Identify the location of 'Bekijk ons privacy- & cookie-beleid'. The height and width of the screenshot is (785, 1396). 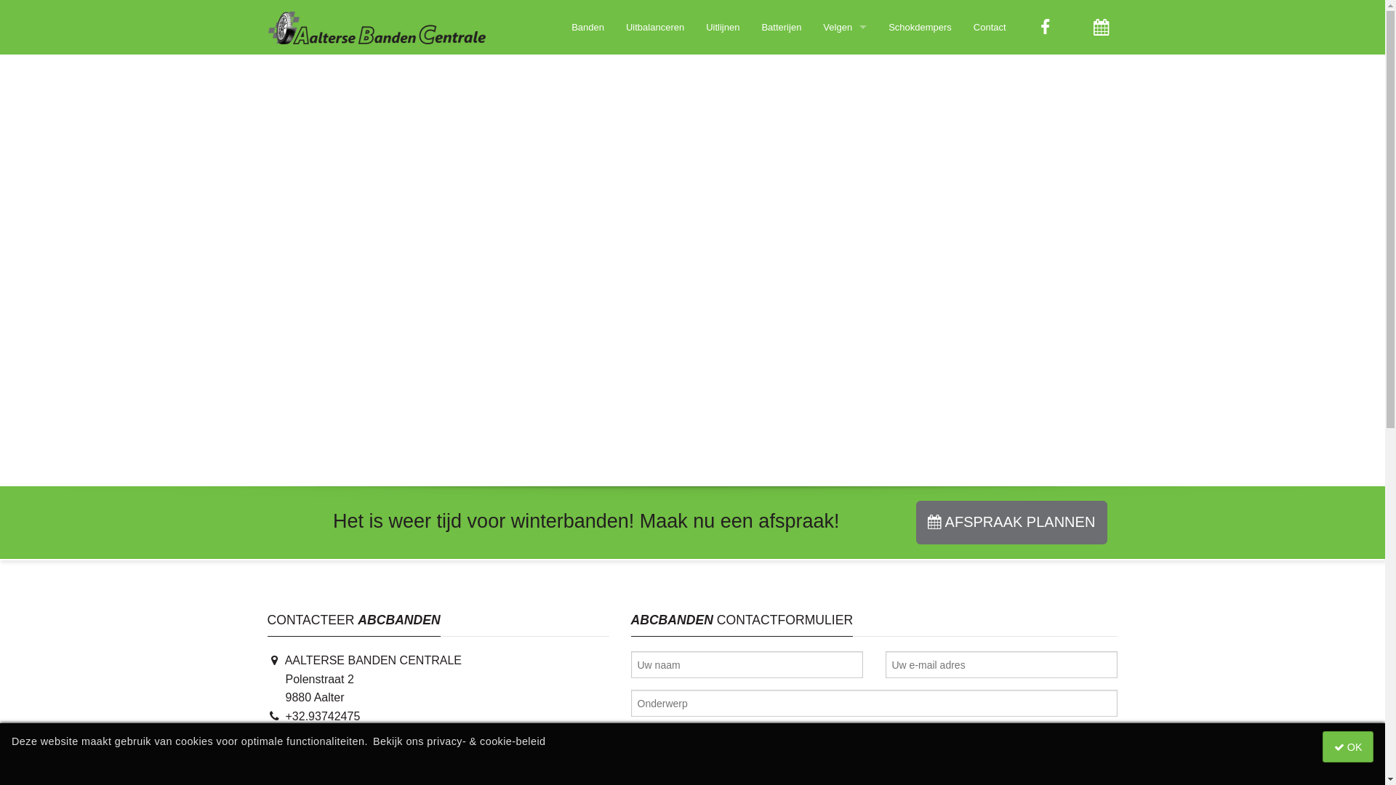
(373, 741).